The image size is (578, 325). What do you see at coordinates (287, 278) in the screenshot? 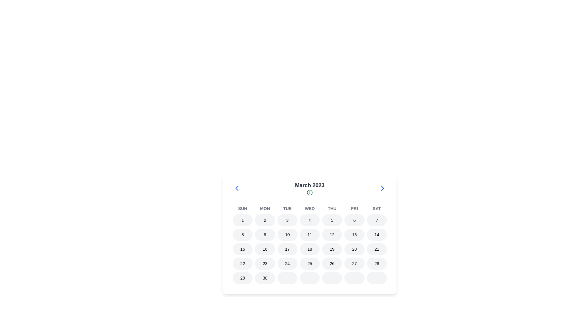
I see `the third circular button with a subtle gray background and a centered dot in the calendar interface` at bounding box center [287, 278].